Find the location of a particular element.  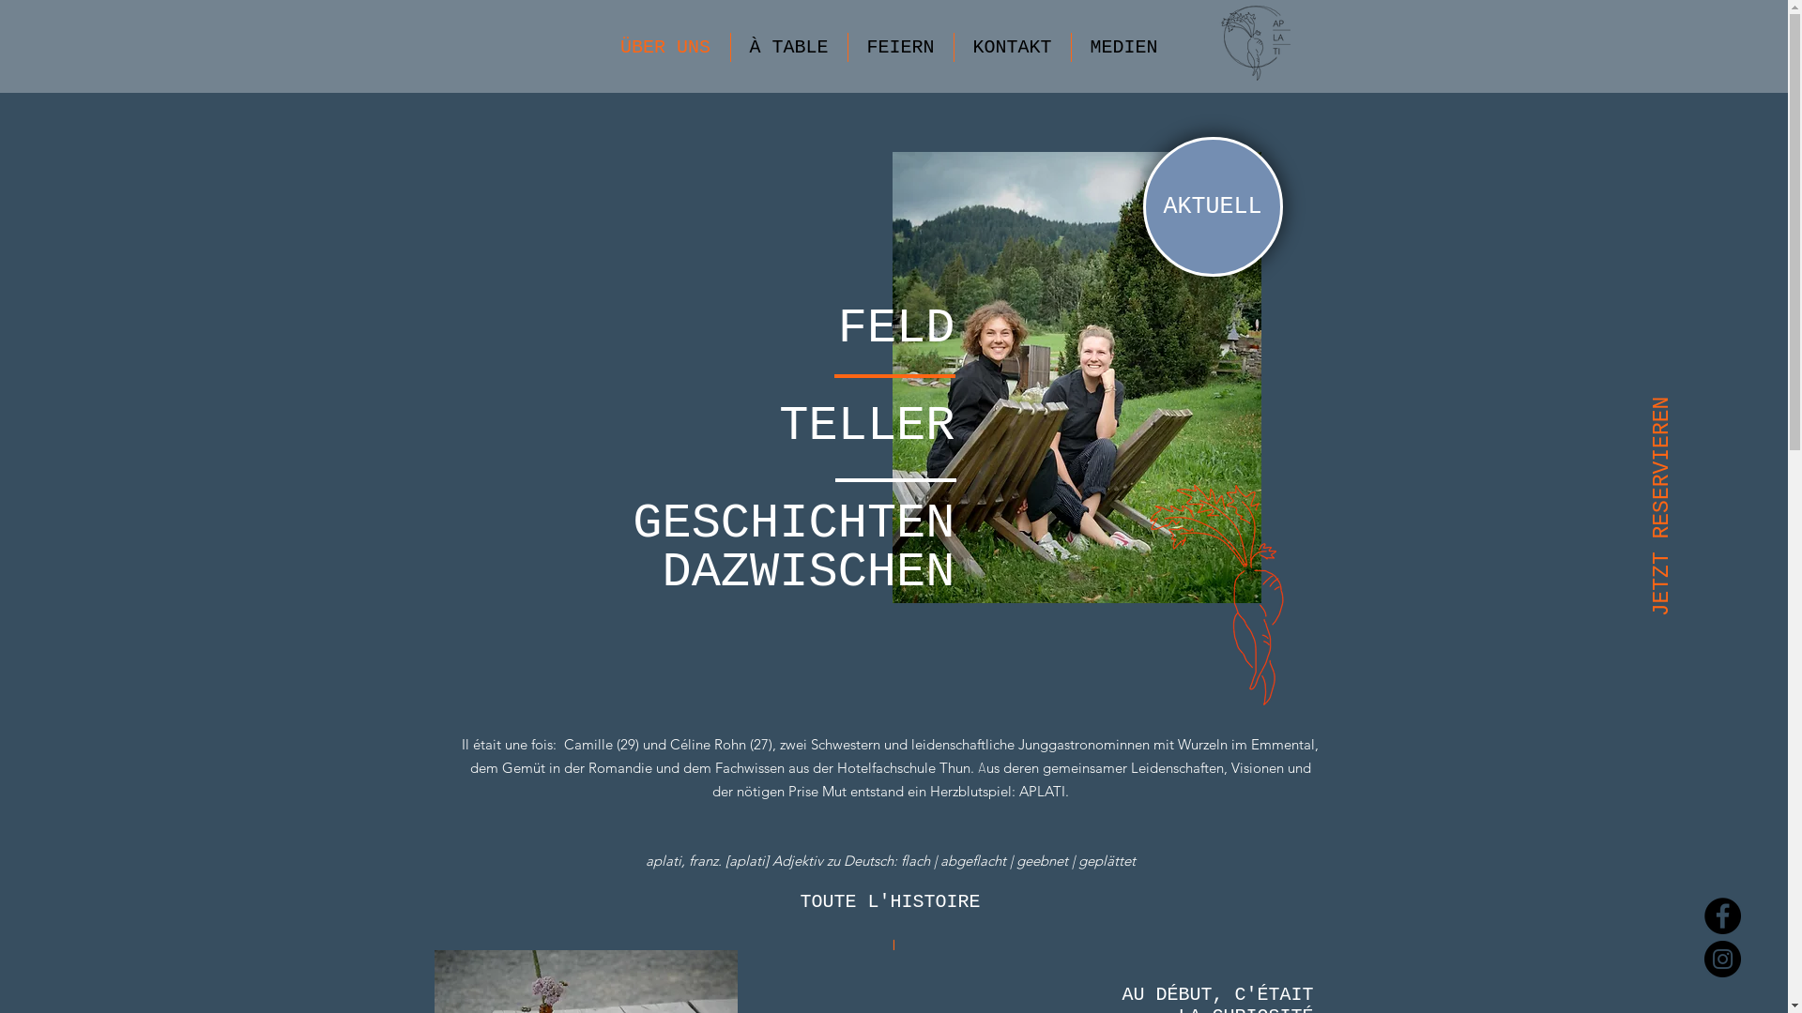

'MEDIEN' is located at coordinates (1124, 46).